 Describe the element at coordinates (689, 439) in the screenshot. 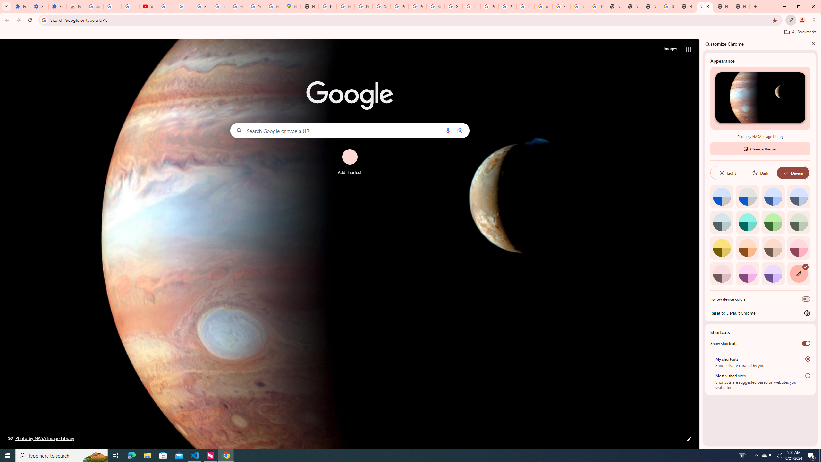

I see `'Customize this page'` at that location.